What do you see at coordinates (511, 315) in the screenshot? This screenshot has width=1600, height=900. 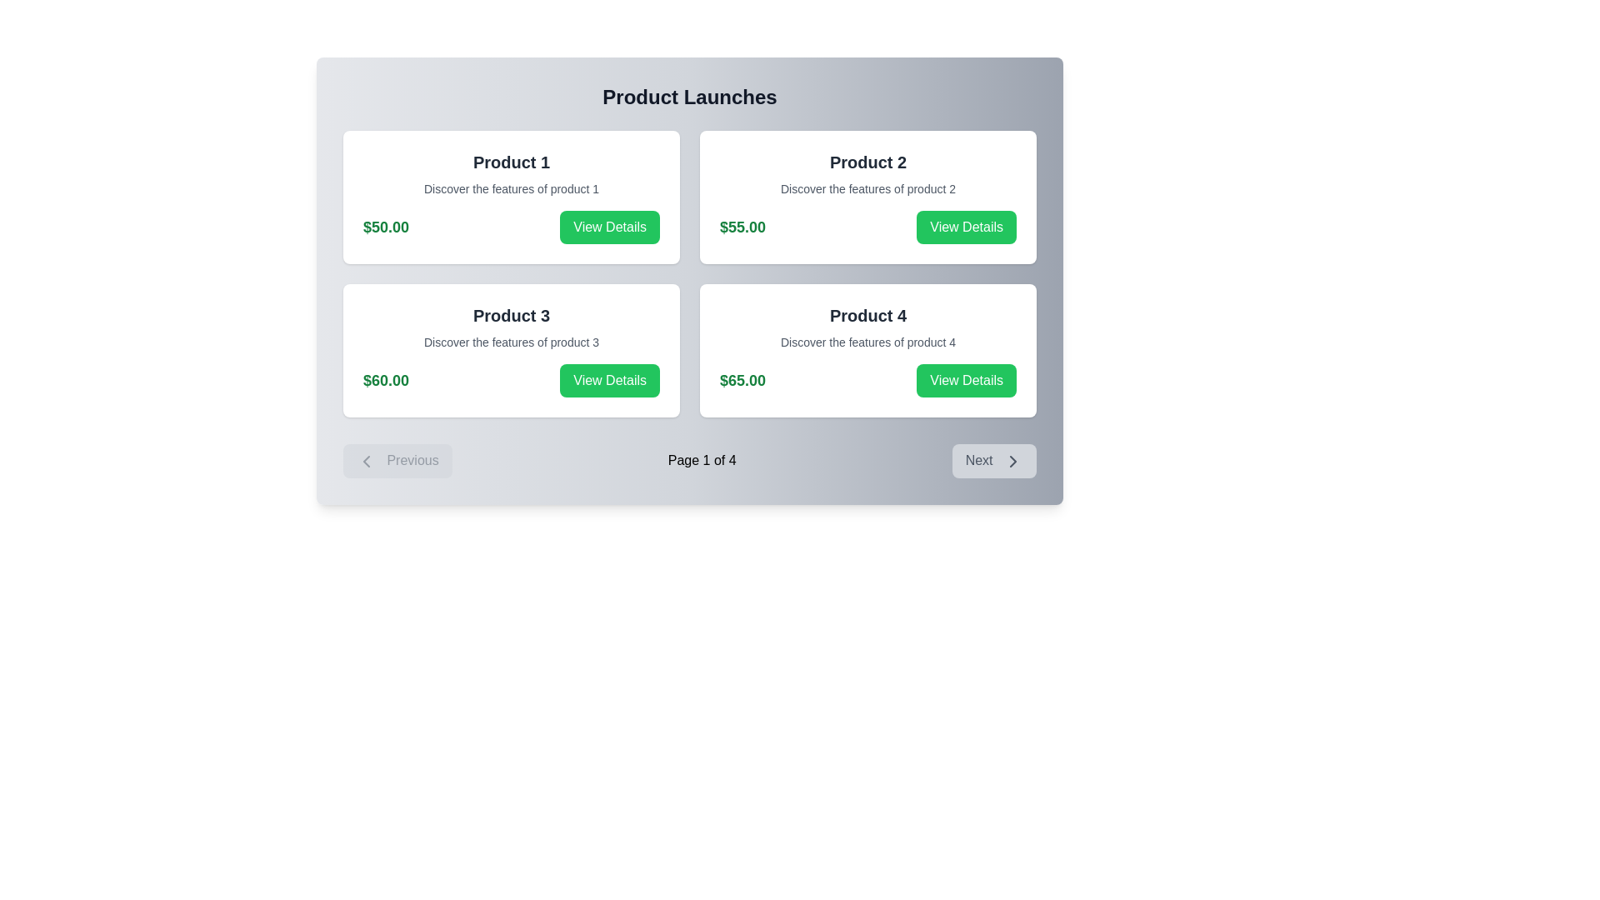 I see `the 'Product 3' text label, which is a bold, dark gray text element positioned in the lower-left content box of the grid layout` at bounding box center [511, 315].